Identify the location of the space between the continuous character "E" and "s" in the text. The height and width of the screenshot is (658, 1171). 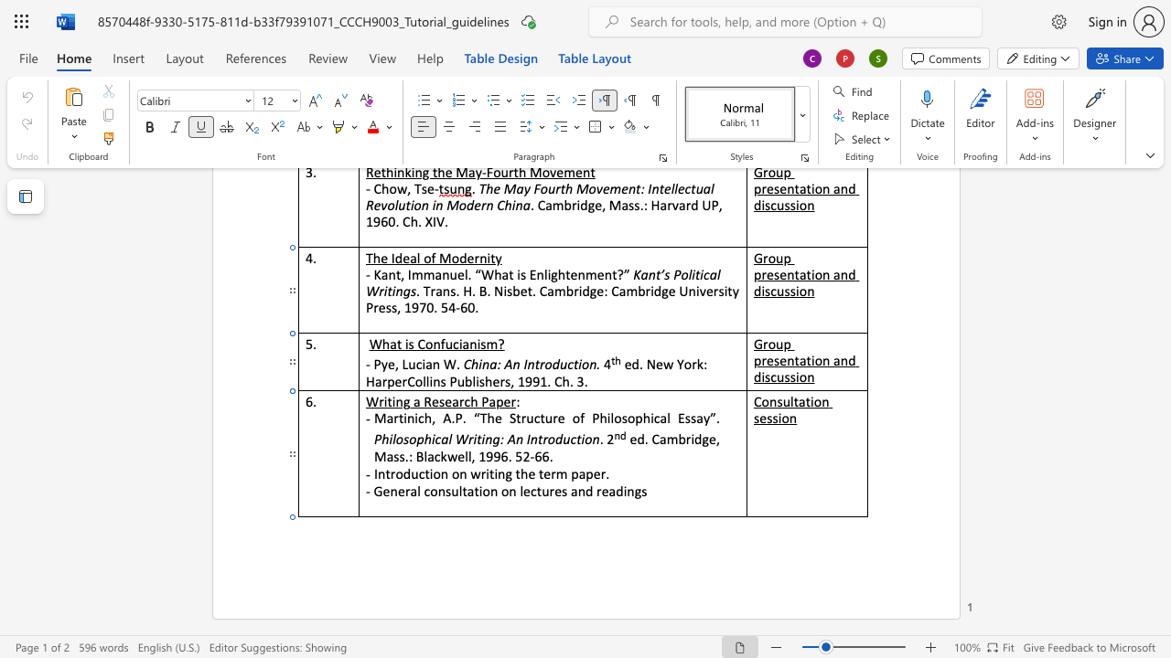
(683, 418).